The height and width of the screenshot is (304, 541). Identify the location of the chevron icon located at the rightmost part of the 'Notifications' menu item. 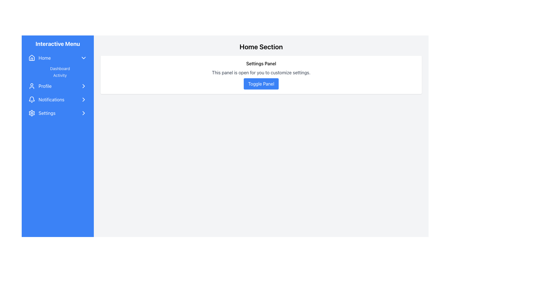
(83, 99).